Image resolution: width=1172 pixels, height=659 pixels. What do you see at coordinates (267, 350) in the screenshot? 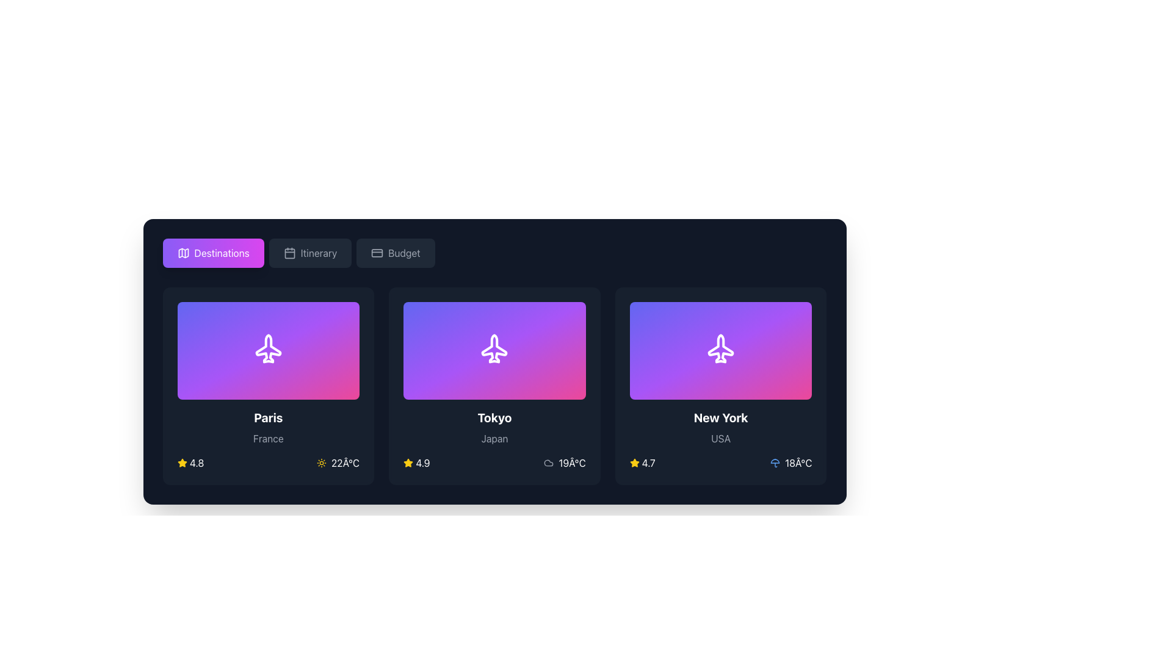
I see `the white airplane-shaped icon within the purple-pink gradient rectangle on the card associated with the destination 'Paris, France'` at bounding box center [267, 350].